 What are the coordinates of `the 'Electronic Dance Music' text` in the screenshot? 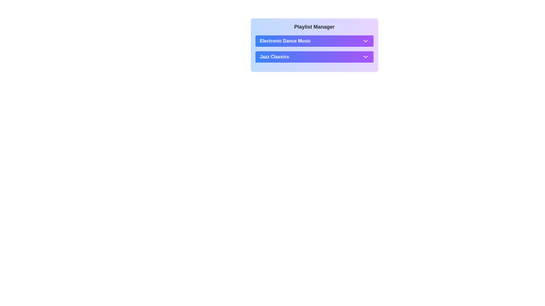 It's located at (314, 44).